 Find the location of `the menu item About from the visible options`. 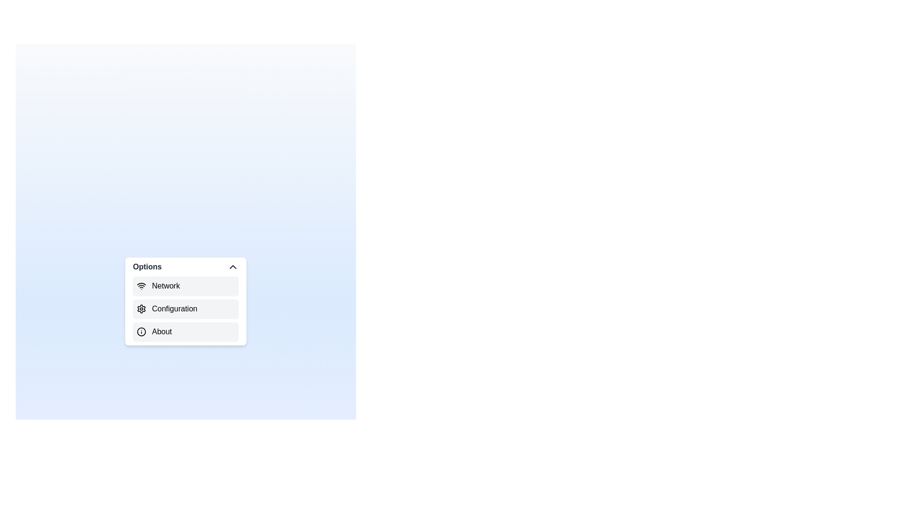

the menu item About from the visible options is located at coordinates (185, 331).